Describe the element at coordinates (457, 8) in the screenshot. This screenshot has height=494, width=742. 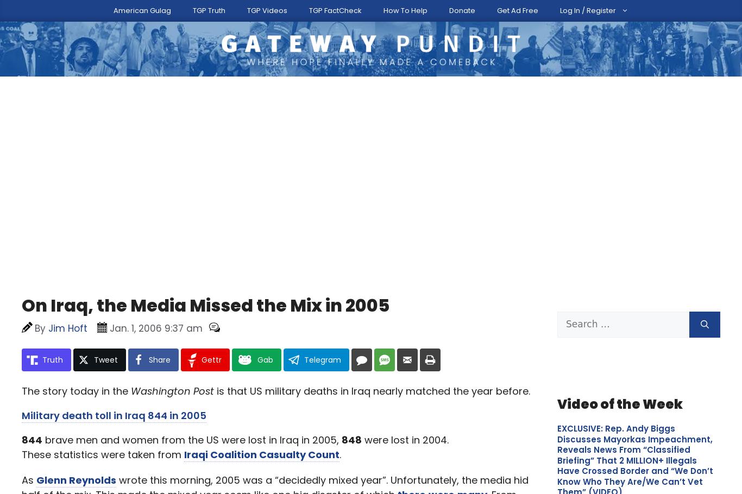
I see `'How To Help'` at that location.